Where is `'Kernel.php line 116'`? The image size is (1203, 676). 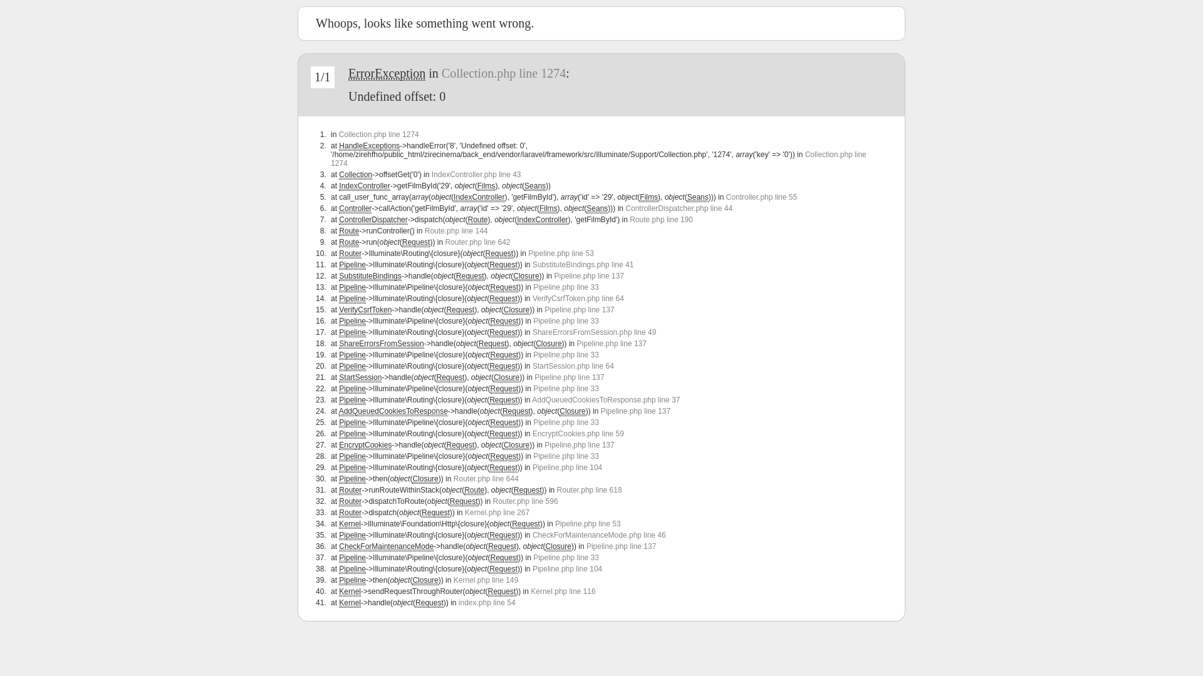
'Kernel.php line 116' is located at coordinates (562, 591).